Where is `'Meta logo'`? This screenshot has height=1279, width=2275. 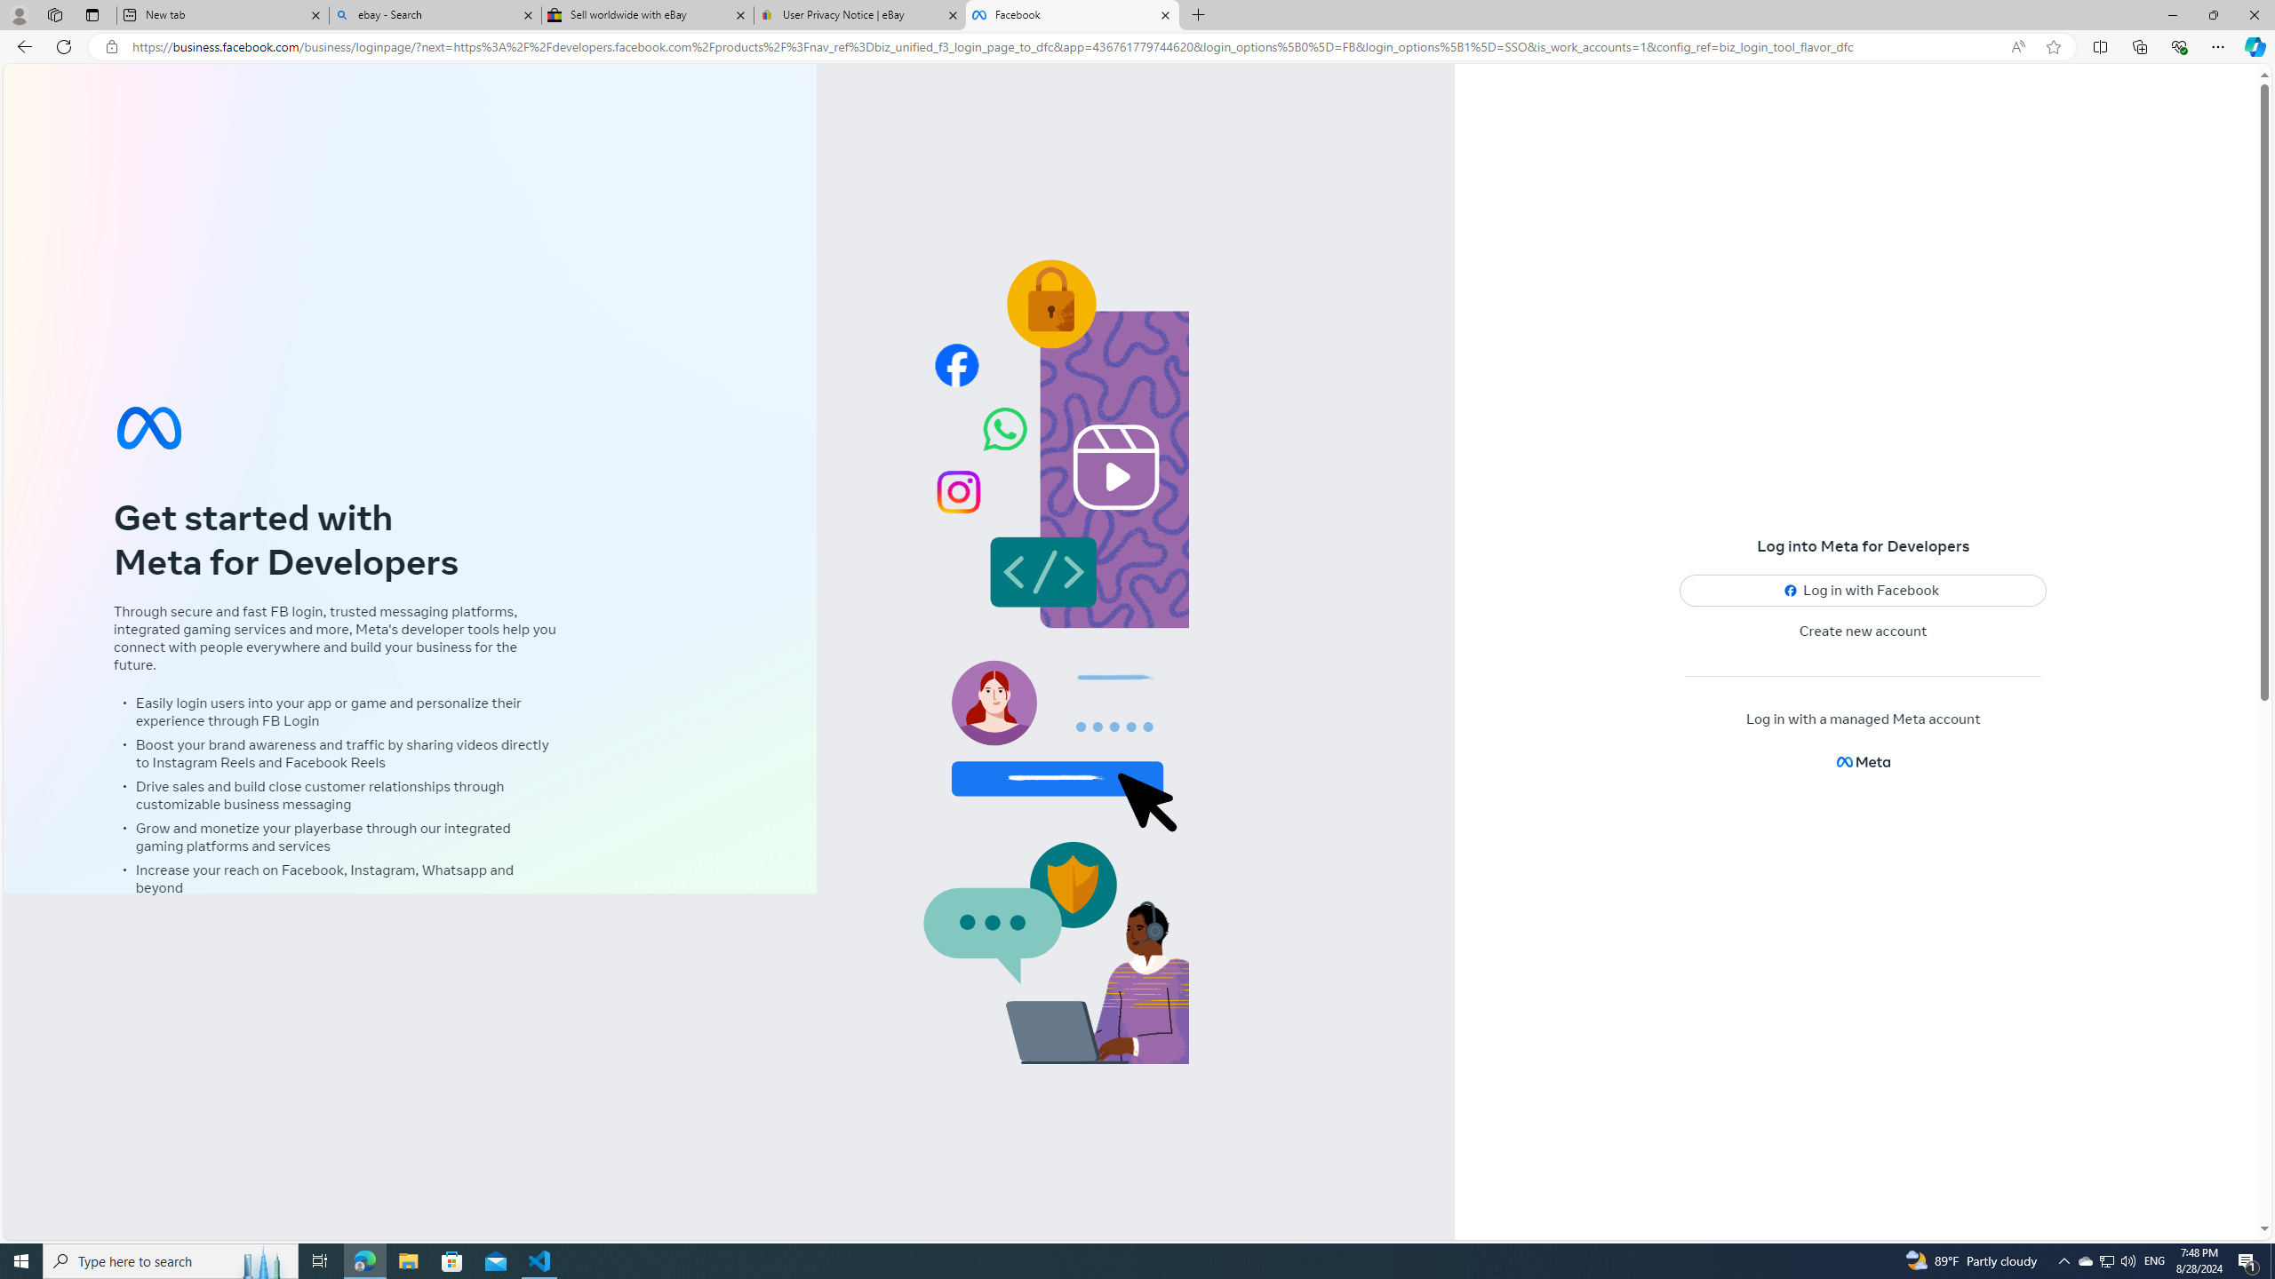 'Meta logo' is located at coordinates (1862, 761).